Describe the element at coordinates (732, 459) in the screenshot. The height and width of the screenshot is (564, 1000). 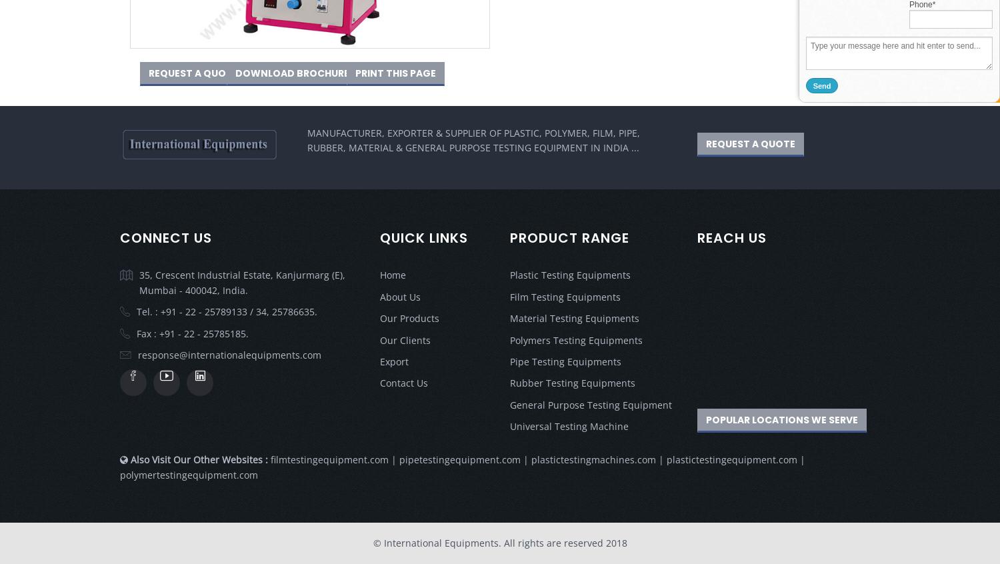
I see `'plastictestingequipment.com'` at that location.